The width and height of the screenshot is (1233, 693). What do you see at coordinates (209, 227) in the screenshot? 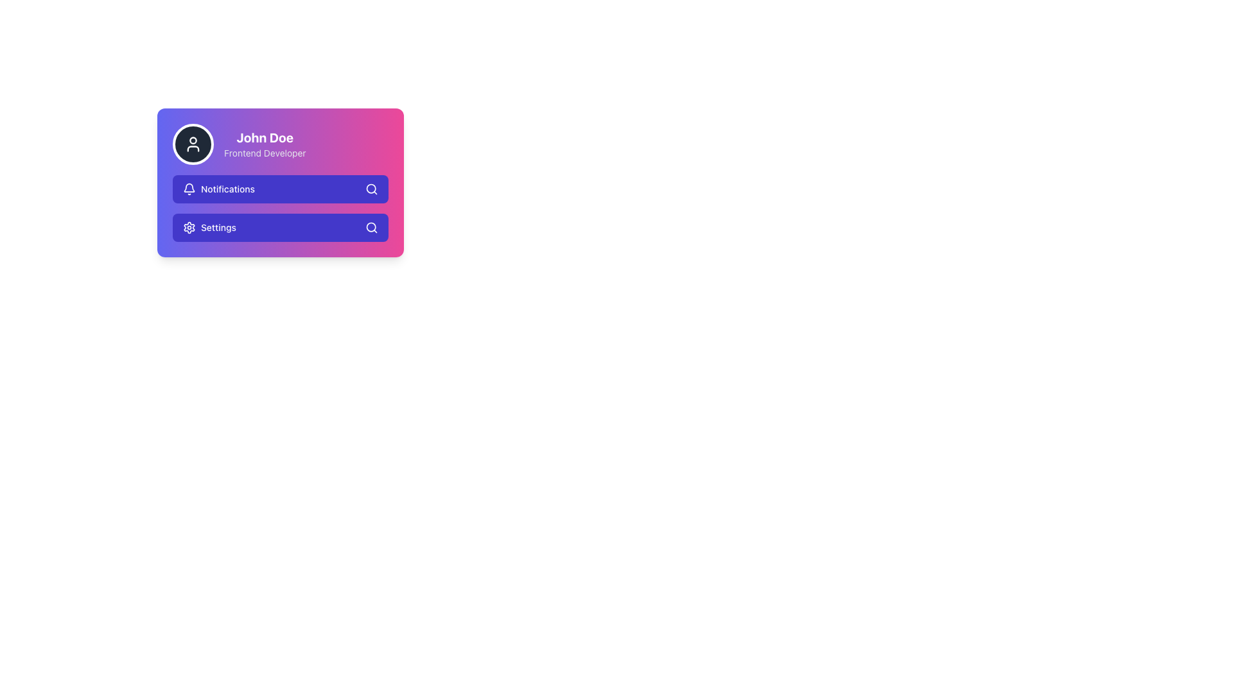
I see `the Settings button located beneath the Notifications element in the vertical list to trigger any tooltip interaction` at bounding box center [209, 227].